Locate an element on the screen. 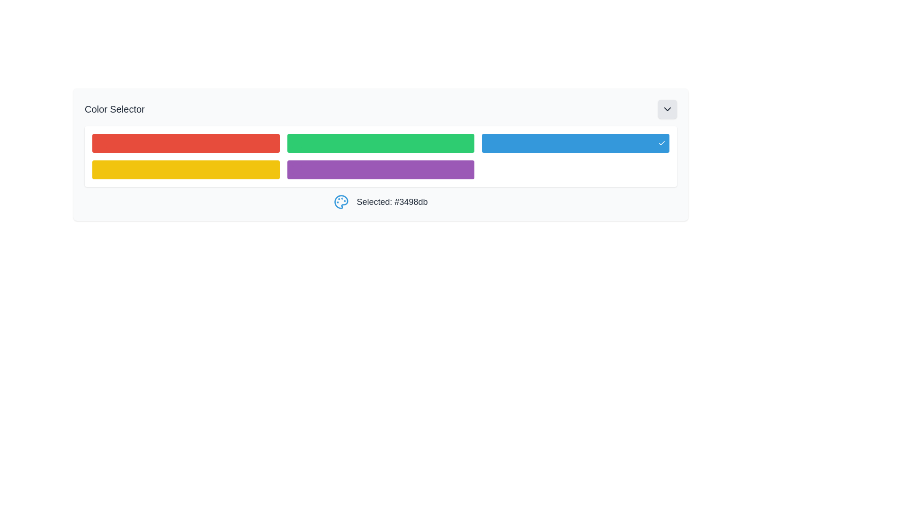  the 'Color Selector' title with dropdown control located at the top of the color selection interface is located at coordinates (381, 109).